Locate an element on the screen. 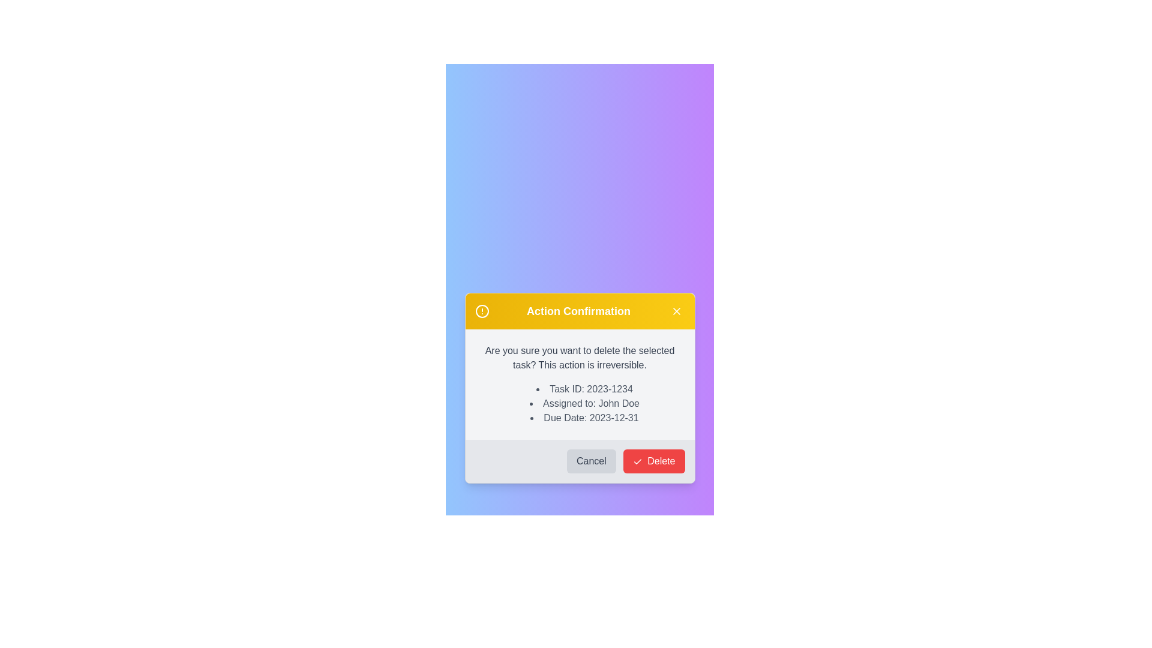  the Close button, a small red cross-shaped icon located in the top-right corner of the yellow banner labeled 'Action Confirmation' is located at coordinates (676, 311).